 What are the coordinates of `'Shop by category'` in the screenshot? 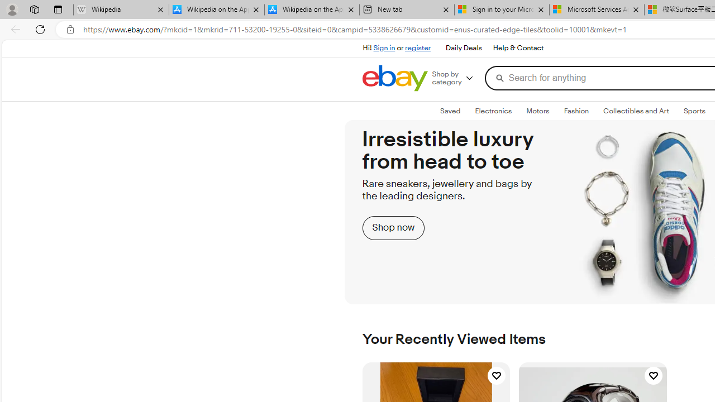 It's located at (456, 78).